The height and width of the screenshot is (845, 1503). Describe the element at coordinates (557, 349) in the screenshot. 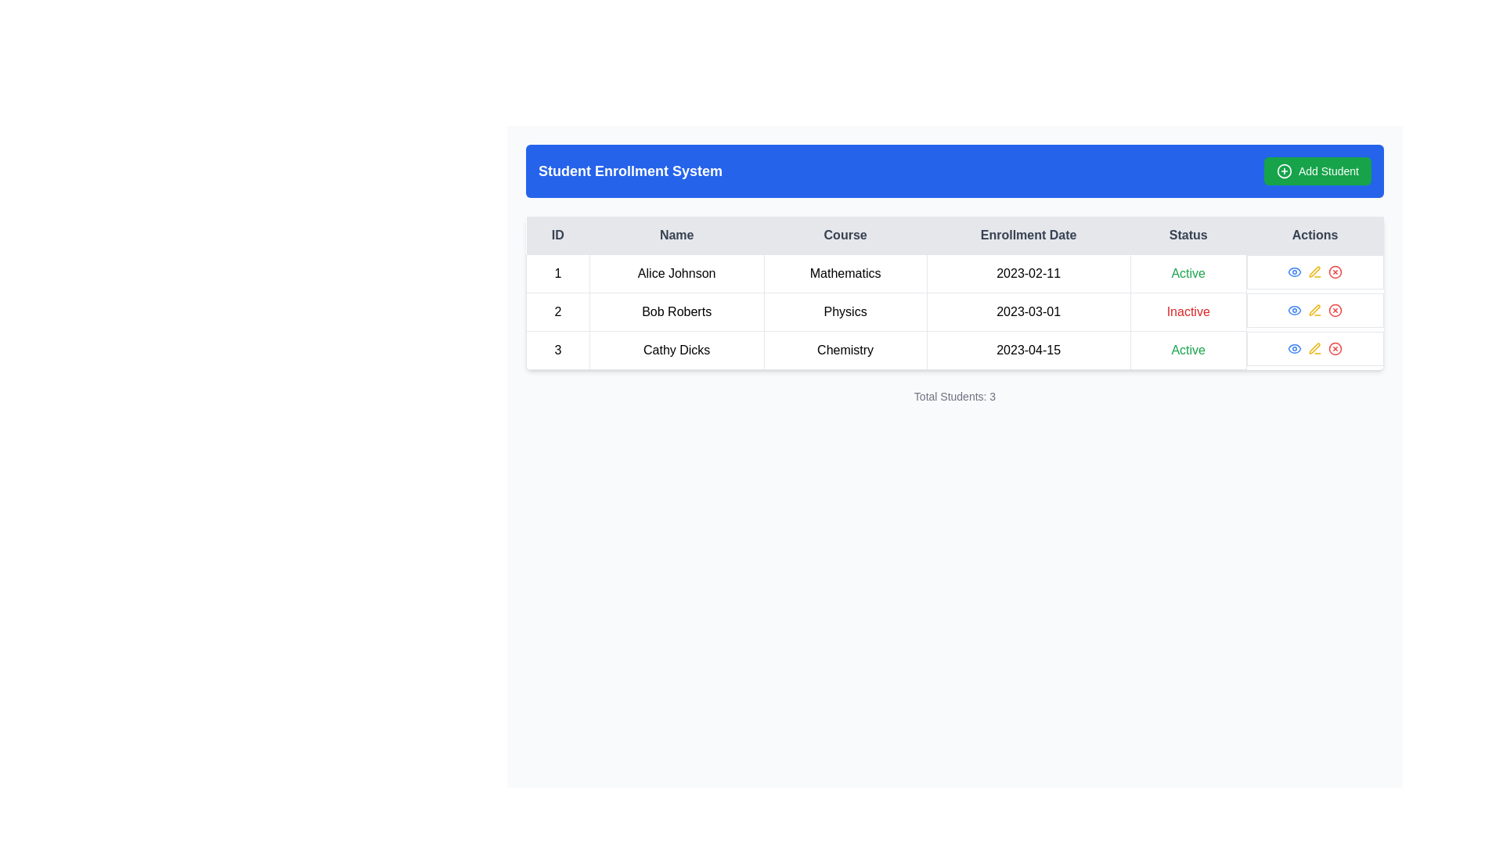

I see `the static text element displaying the unique identifier '3', which is located in the 'ID' column of the third row of the table` at that location.